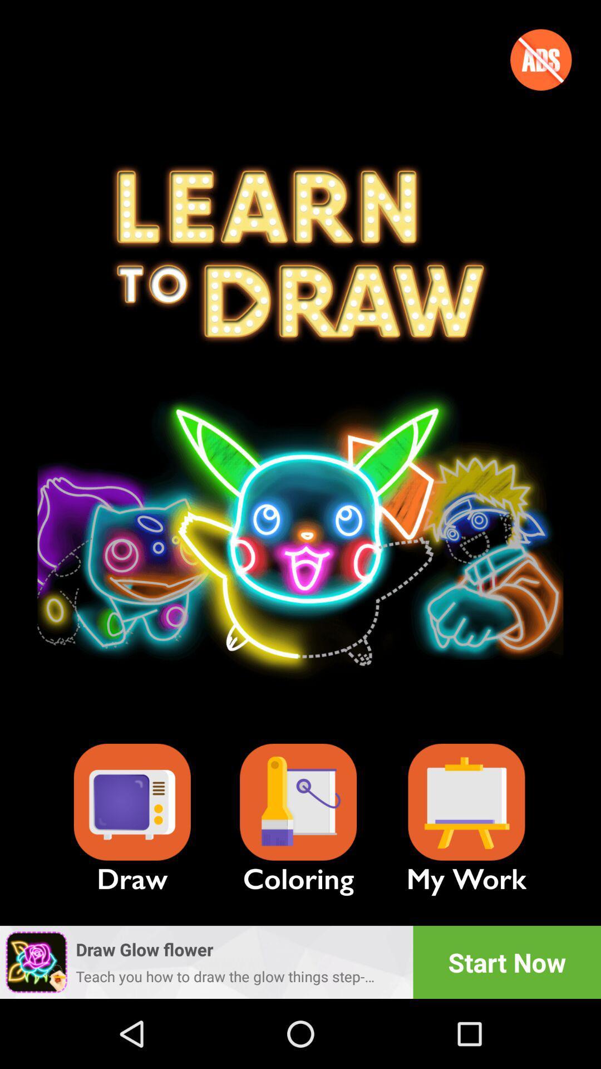  What do you see at coordinates (298, 802) in the screenshot?
I see `coloring` at bounding box center [298, 802].